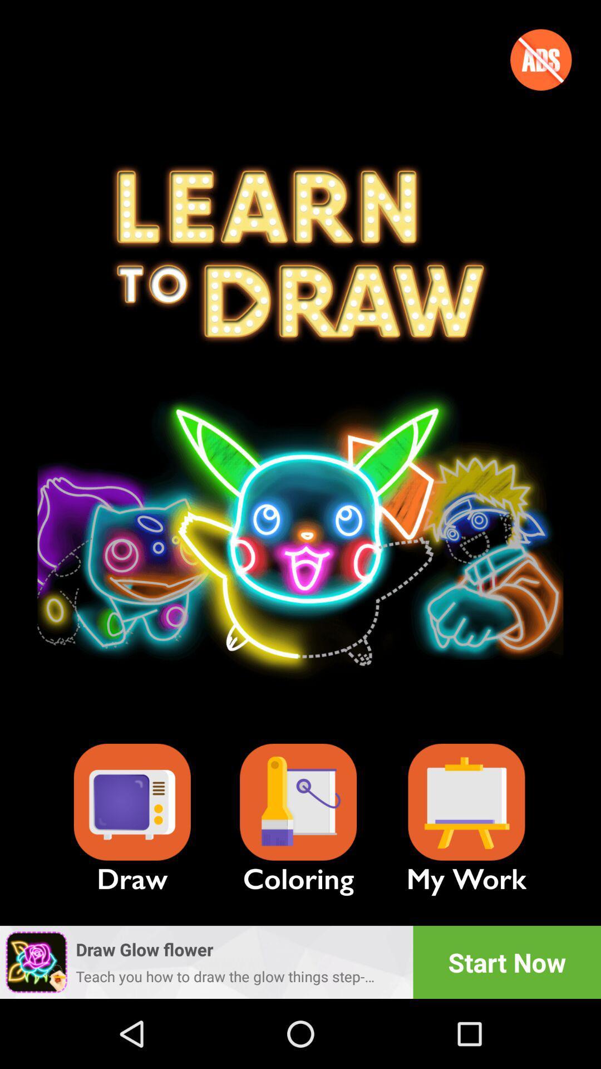  What do you see at coordinates (298, 802) in the screenshot?
I see `coloring` at bounding box center [298, 802].